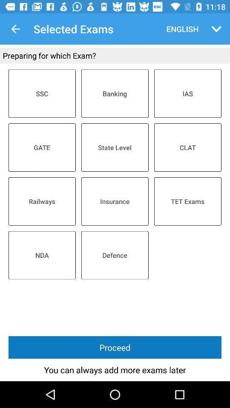 This screenshot has height=408, width=230. What do you see at coordinates (15, 29) in the screenshot?
I see `the app to the left of the selected exams item` at bounding box center [15, 29].